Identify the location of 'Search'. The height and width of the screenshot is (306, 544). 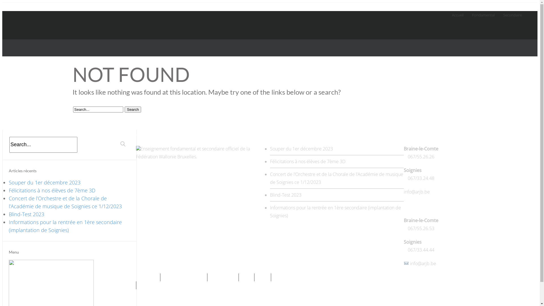
(124, 109).